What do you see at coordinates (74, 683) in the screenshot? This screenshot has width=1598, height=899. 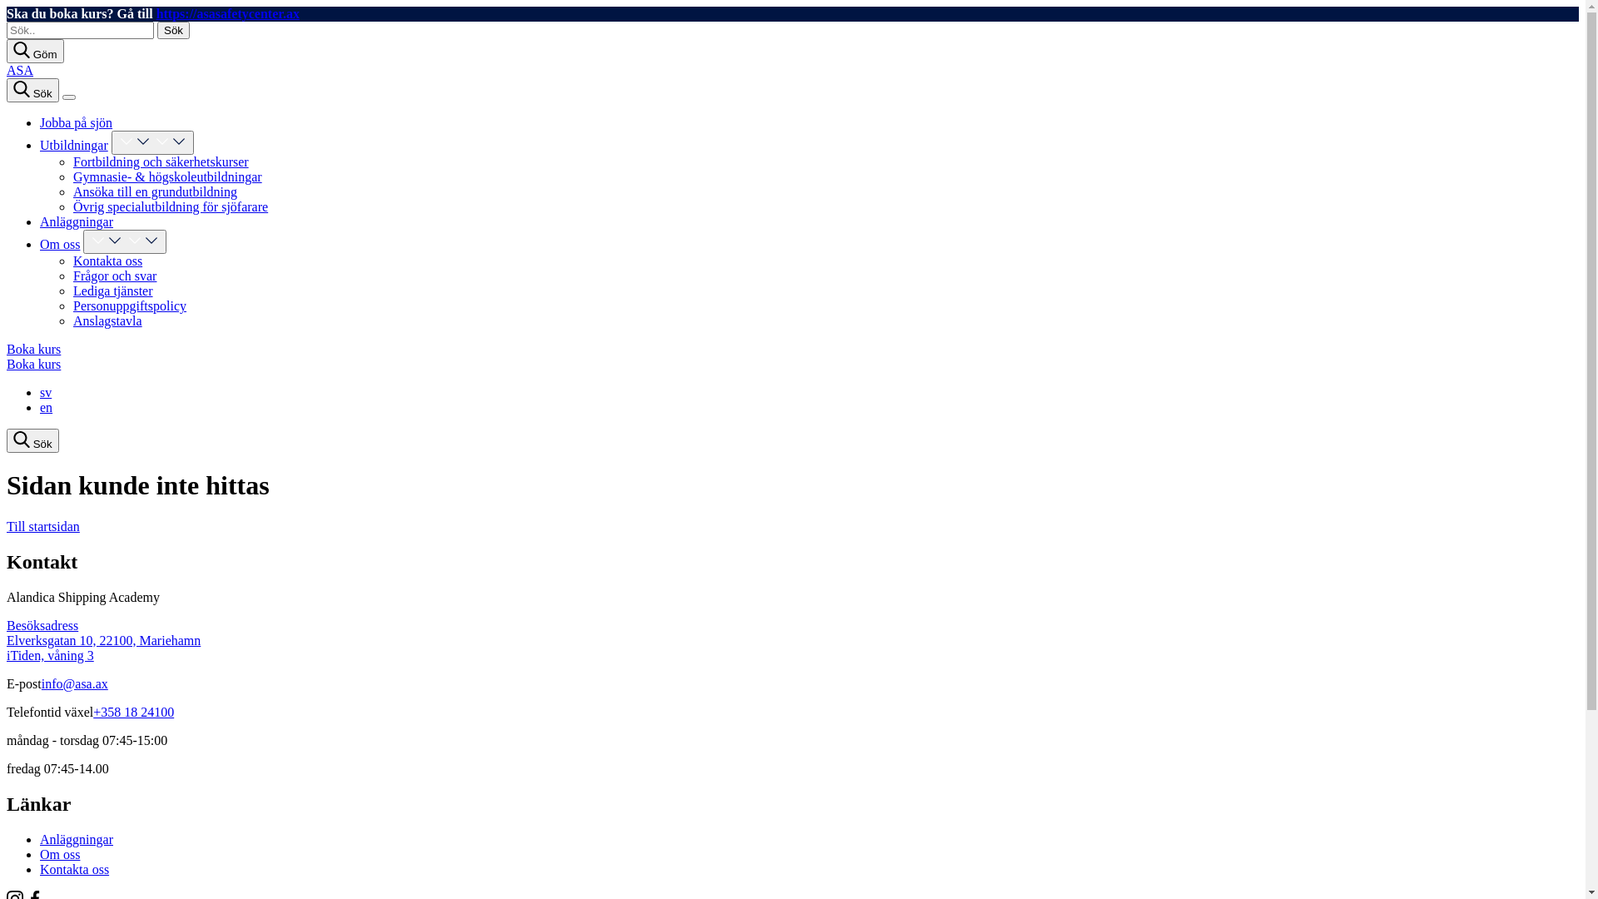 I see `'info@asa.ax'` at bounding box center [74, 683].